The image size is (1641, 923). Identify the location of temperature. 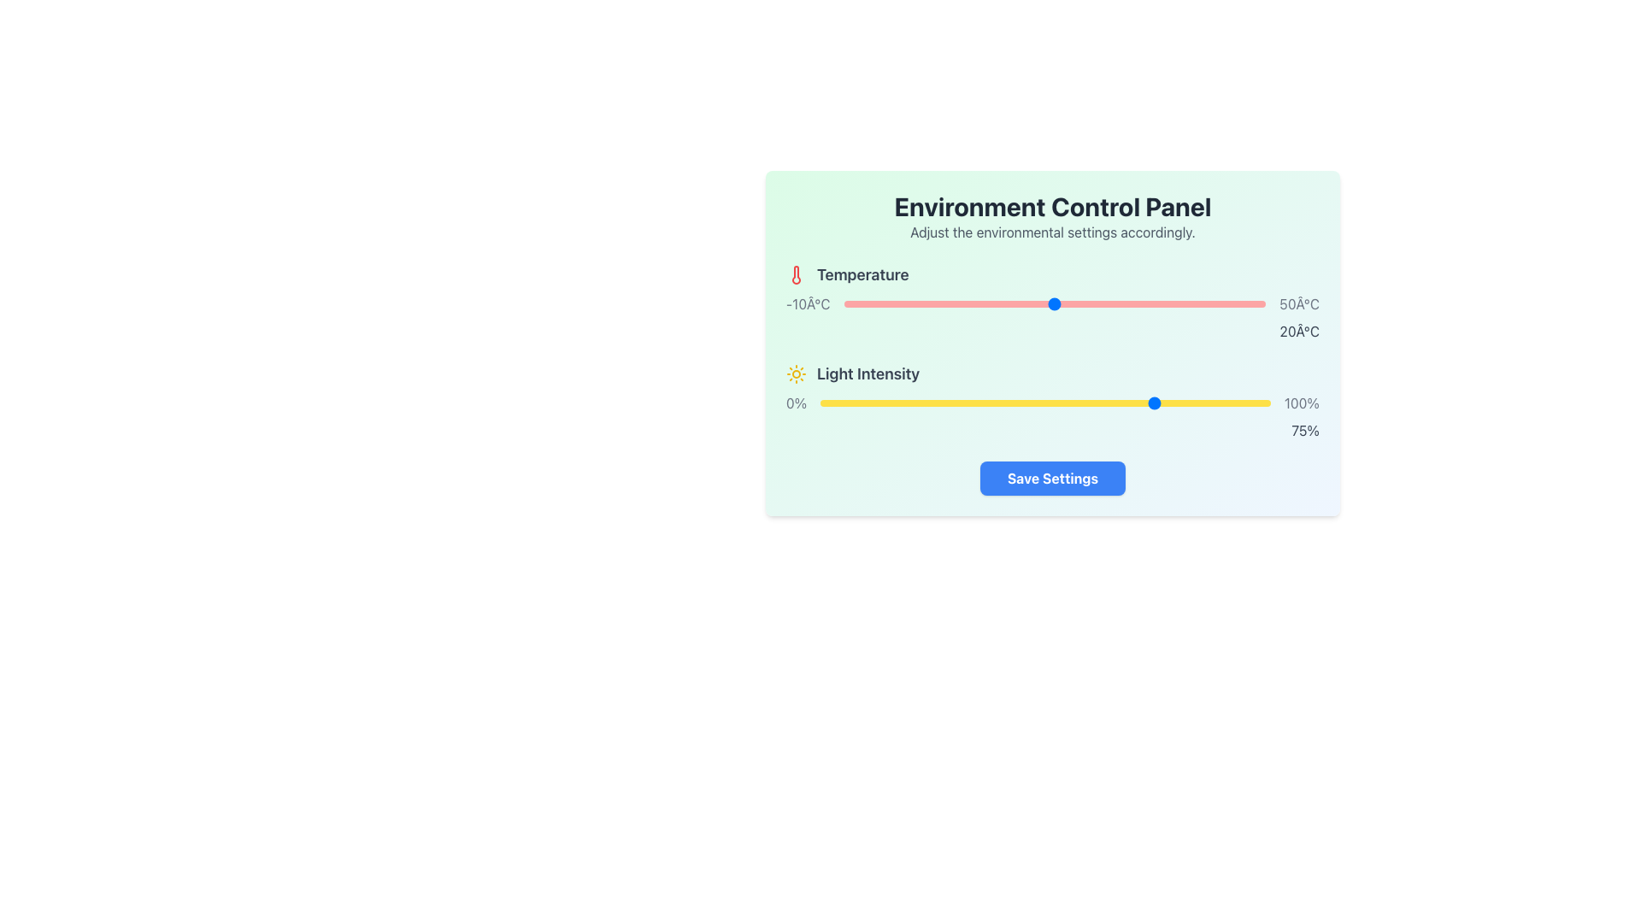
(1061, 303).